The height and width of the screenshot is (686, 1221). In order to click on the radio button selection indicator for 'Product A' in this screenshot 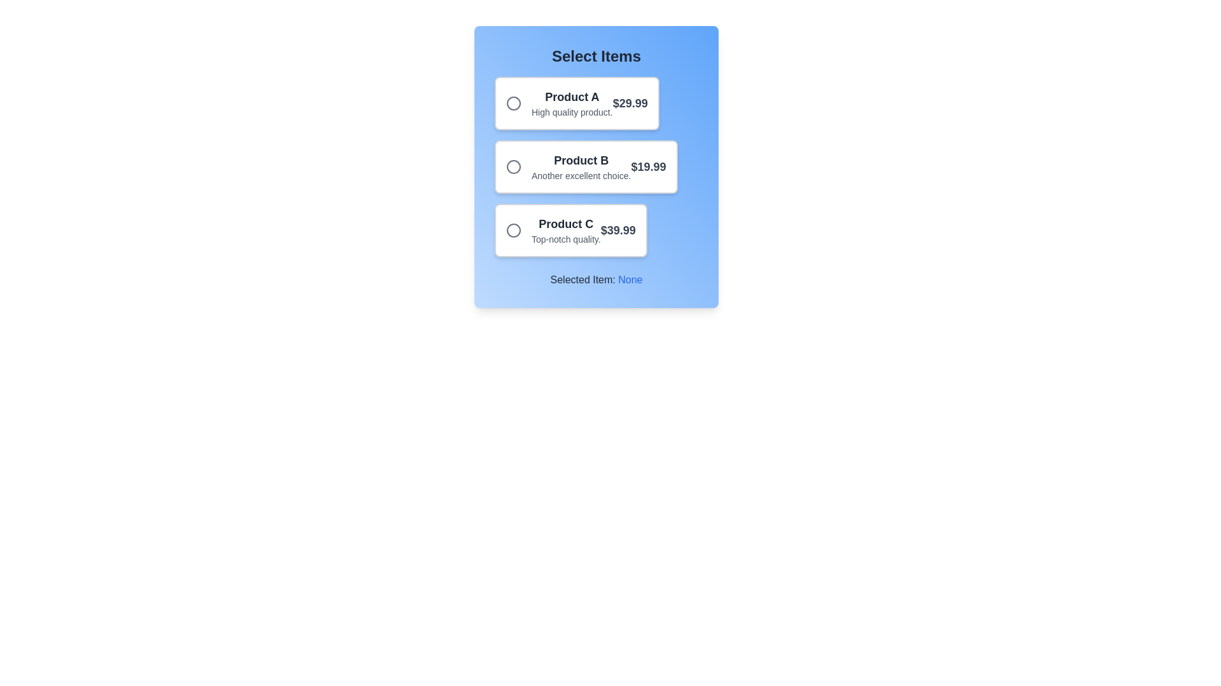, I will do `click(513, 102)`.